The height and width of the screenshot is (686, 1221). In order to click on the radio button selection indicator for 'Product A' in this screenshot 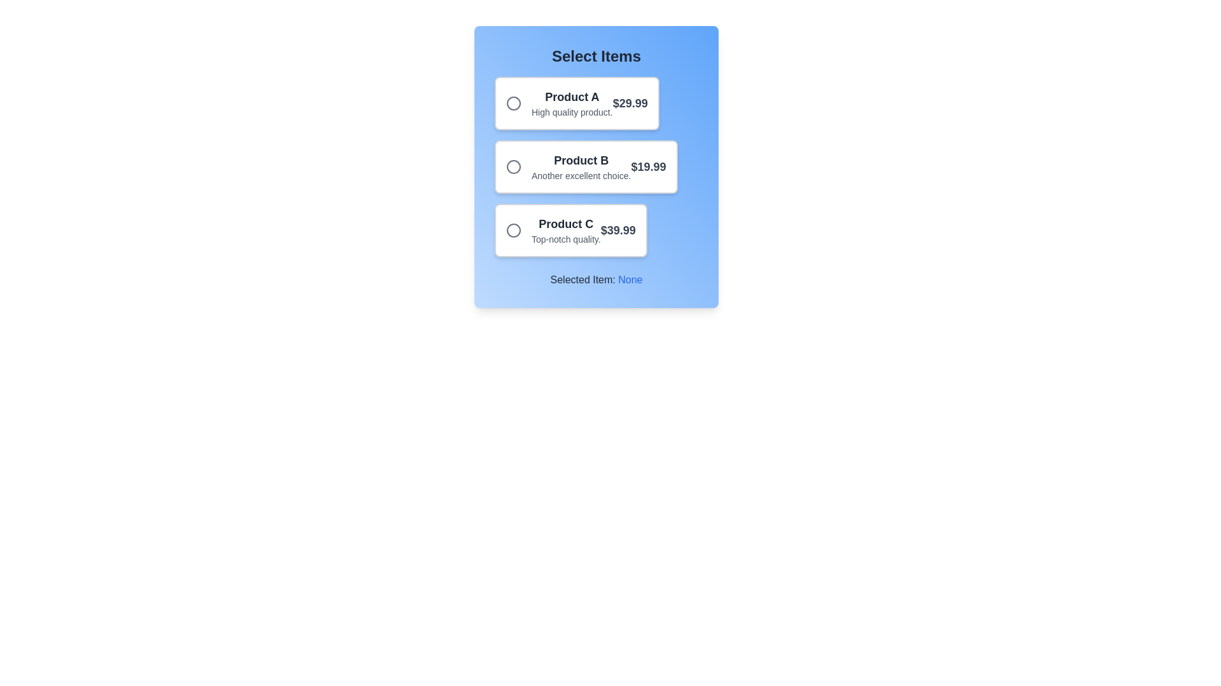, I will do `click(513, 102)`.